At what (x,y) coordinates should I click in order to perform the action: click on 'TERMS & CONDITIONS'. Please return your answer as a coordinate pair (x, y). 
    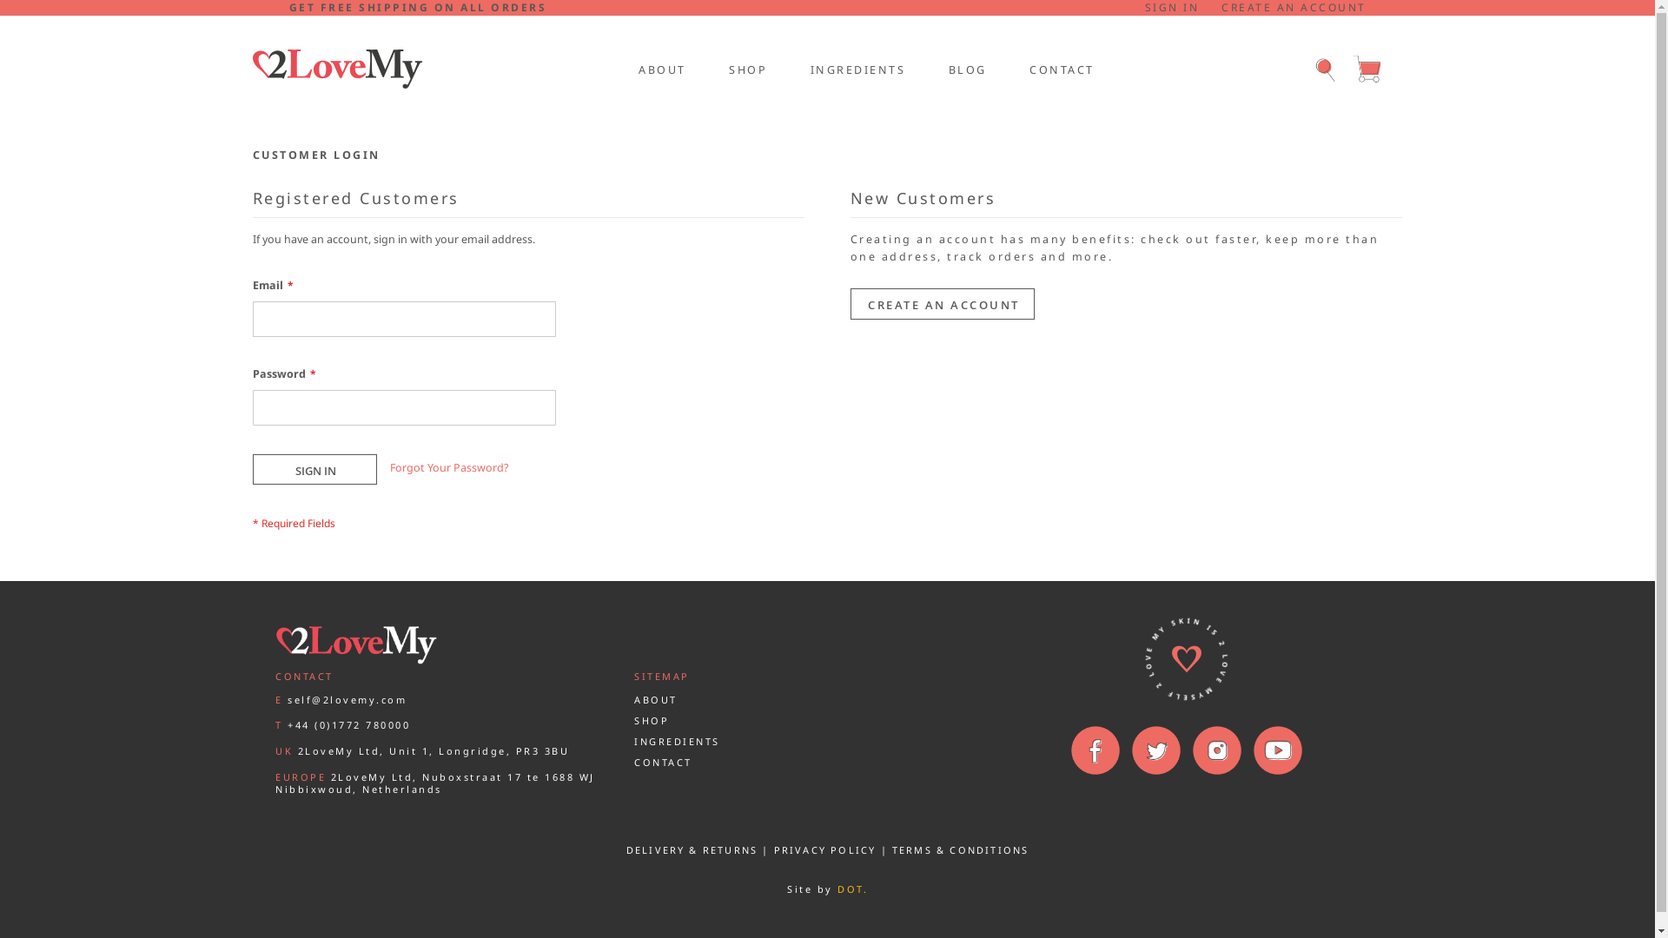
    Looking at the image, I should click on (959, 849).